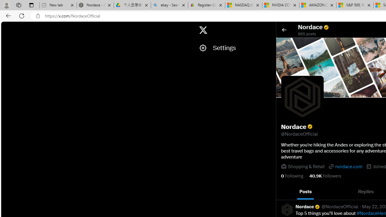 The width and height of the screenshot is (386, 217). I want to click on 'Shopping & Retail', so click(306, 166).